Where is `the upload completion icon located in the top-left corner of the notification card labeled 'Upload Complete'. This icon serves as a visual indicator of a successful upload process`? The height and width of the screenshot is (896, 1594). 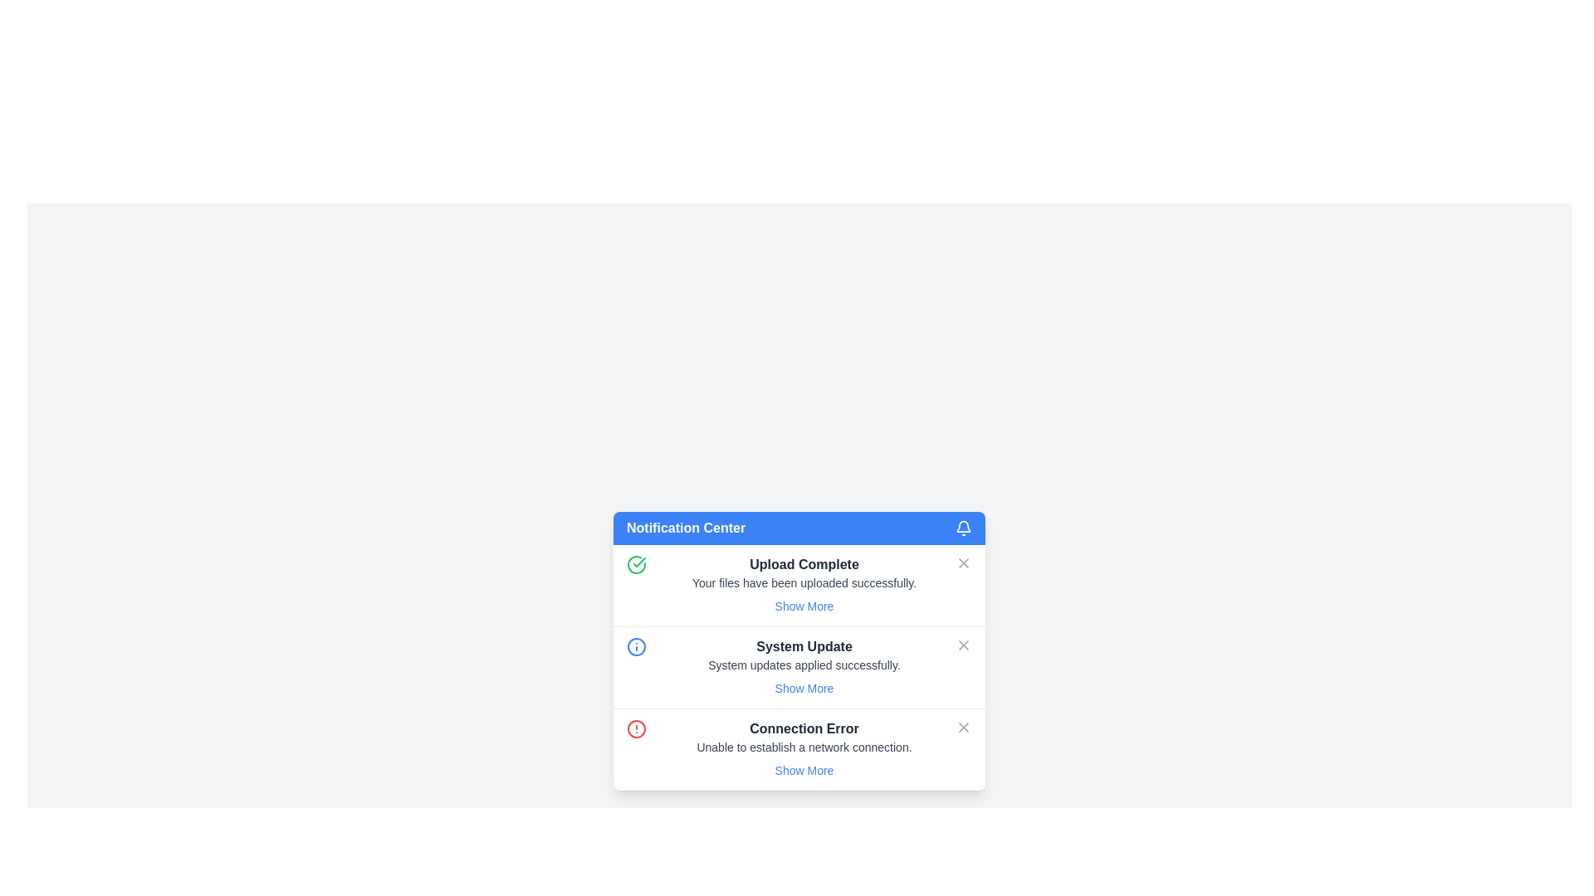
the upload completion icon located in the top-left corner of the notification card labeled 'Upload Complete'. This icon serves as a visual indicator of a successful upload process is located at coordinates (636, 564).